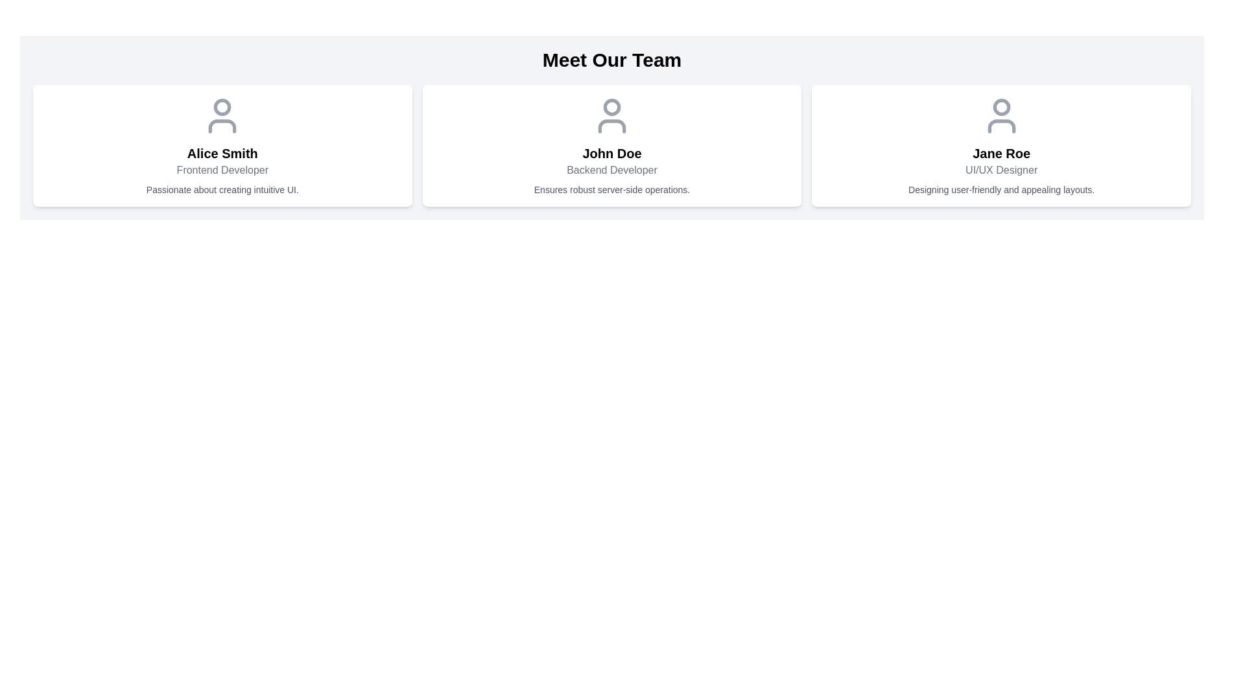 Image resolution: width=1245 pixels, height=700 pixels. Describe the element at coordinates (611, 190) in the screenshot. I see `the static text snippet reading 'Ensures robust server-side operations.' located beneath the name and role description within the profile card of 'John Doe' in the 'Meet Our Team' section` at that location.